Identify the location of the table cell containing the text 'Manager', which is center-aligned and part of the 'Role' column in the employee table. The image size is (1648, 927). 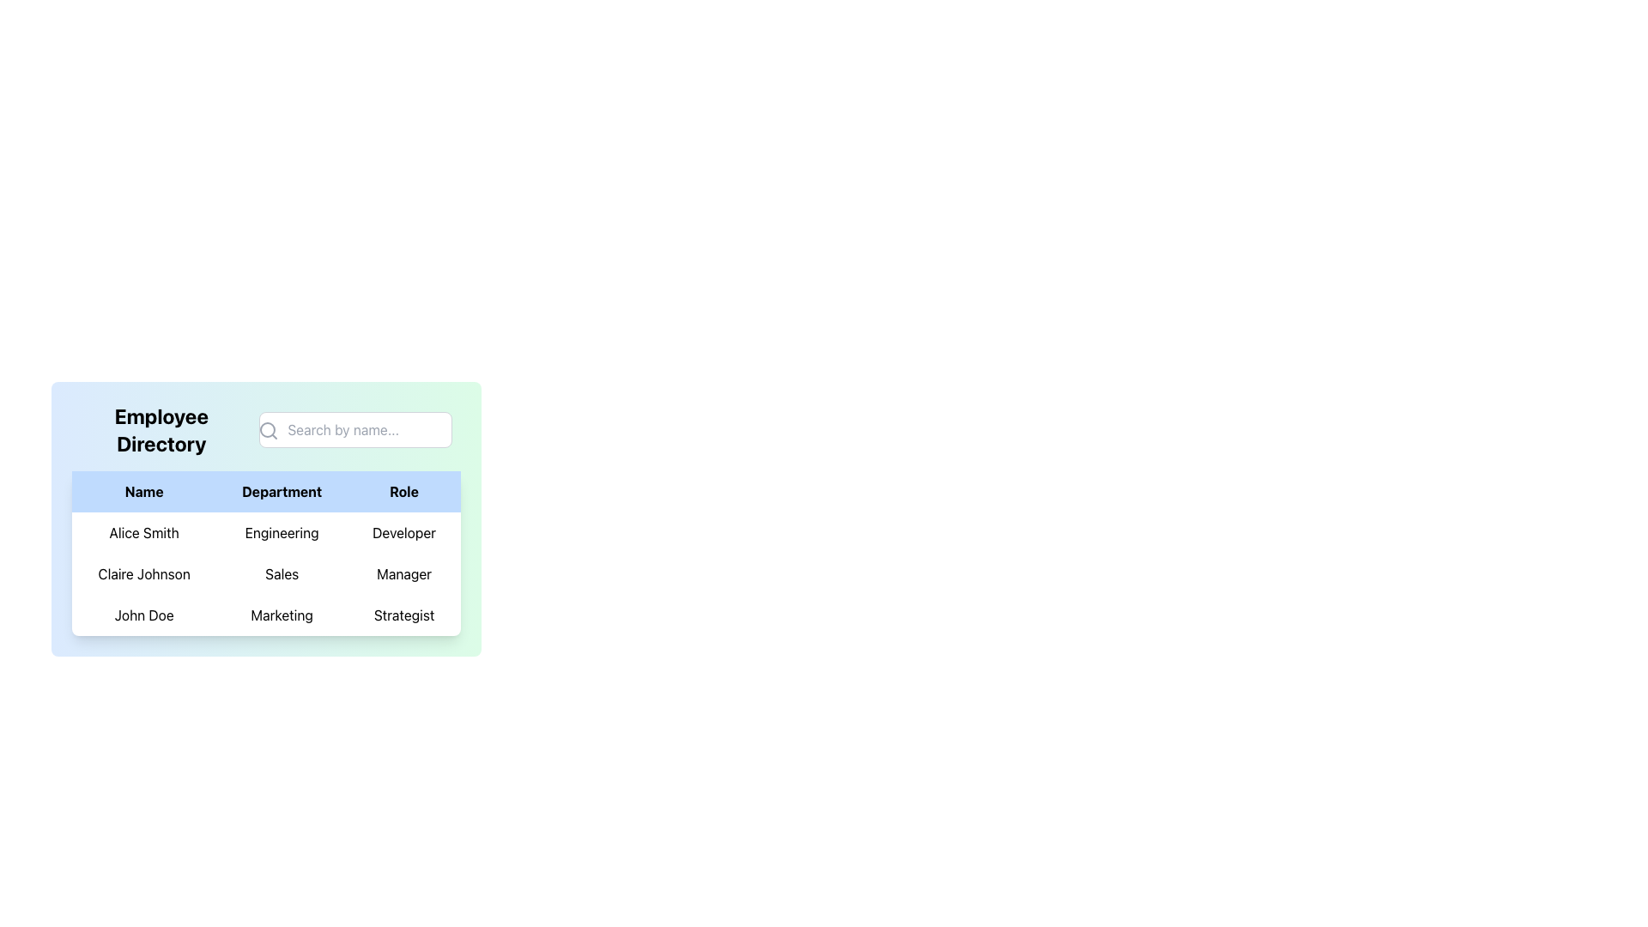
(403, 573).